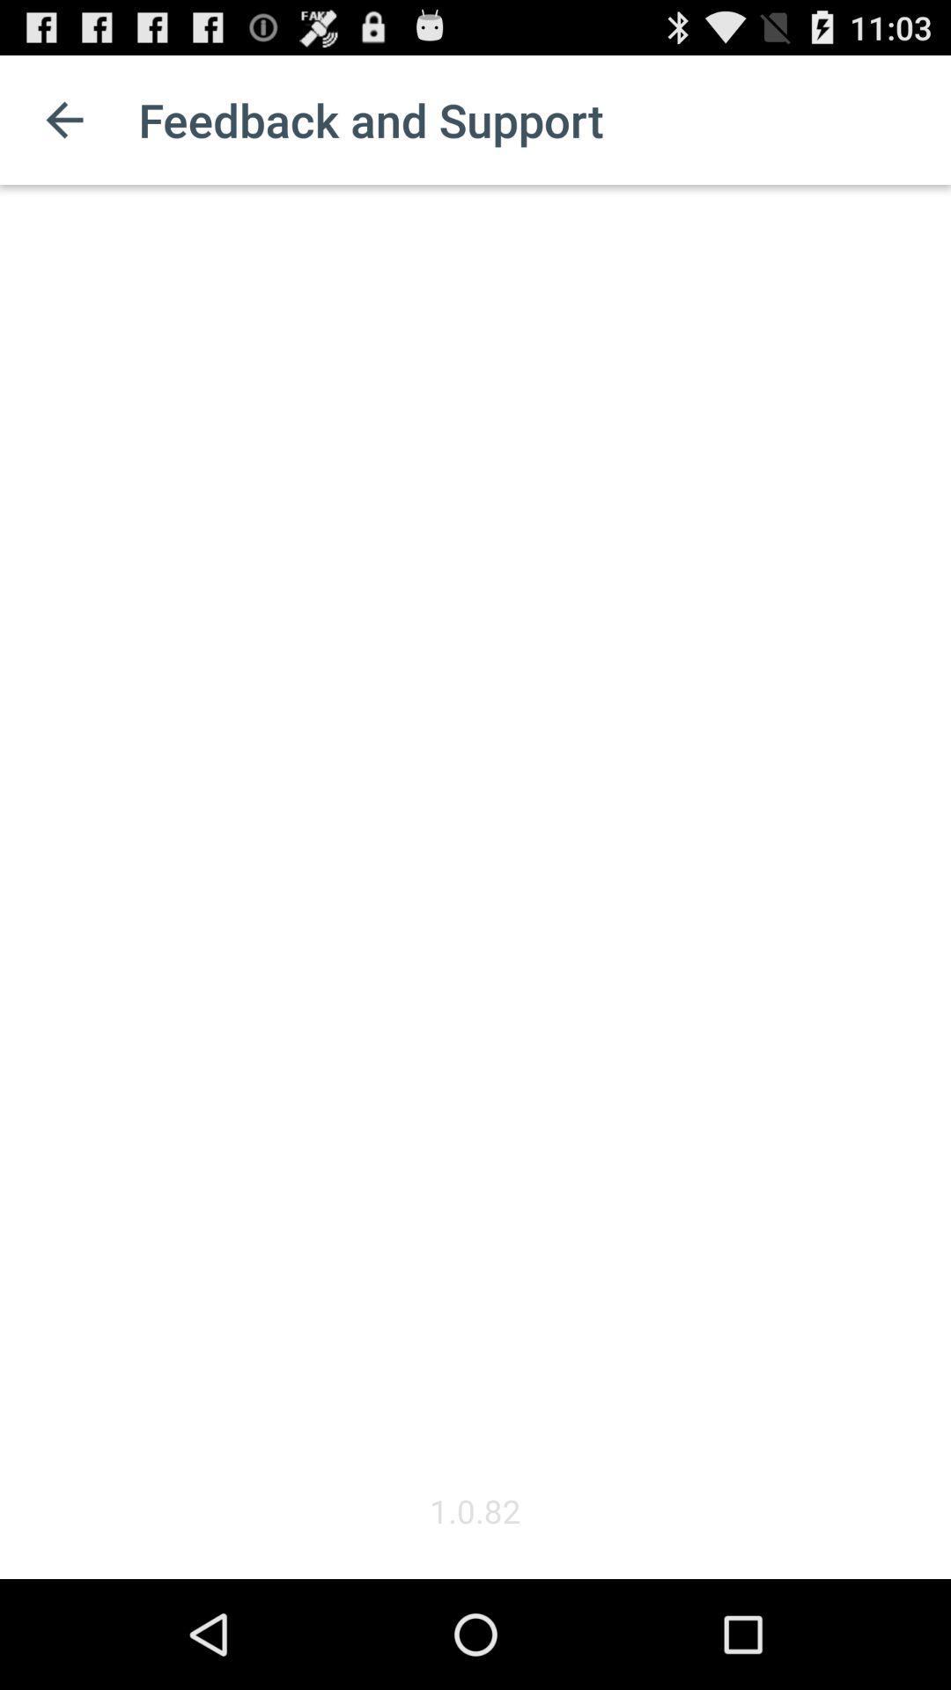 This screenshot has width=951, height=1690. Describe the element at coordinates (63, 119) in the screenshot. I see `the app next to the feedback and support app` at that location.